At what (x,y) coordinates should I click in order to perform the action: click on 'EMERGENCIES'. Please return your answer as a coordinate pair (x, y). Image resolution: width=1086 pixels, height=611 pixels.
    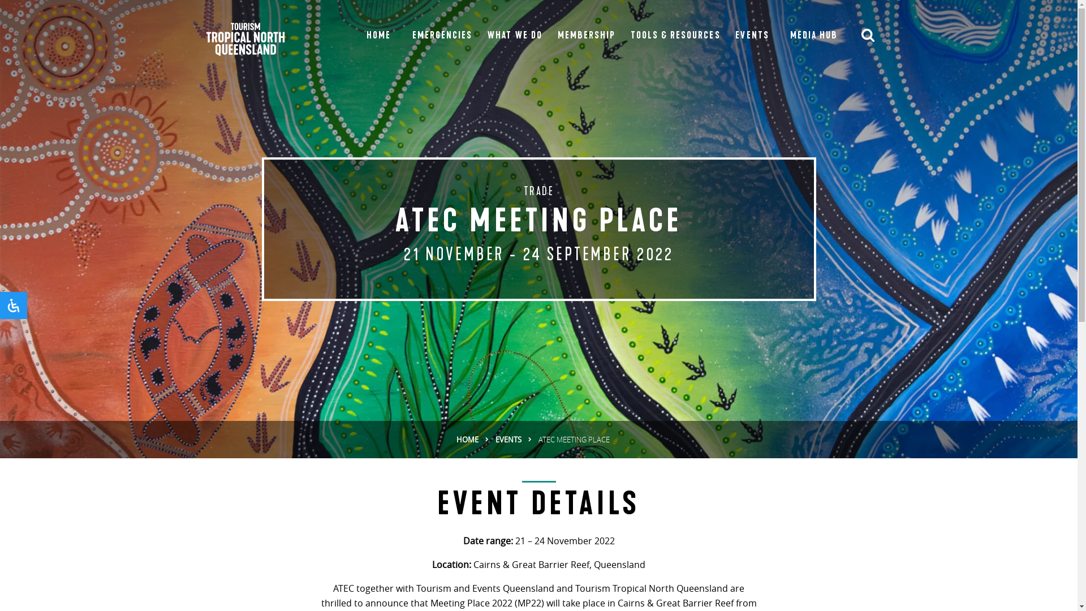
    Looking at the image, I should click on (442, 35).